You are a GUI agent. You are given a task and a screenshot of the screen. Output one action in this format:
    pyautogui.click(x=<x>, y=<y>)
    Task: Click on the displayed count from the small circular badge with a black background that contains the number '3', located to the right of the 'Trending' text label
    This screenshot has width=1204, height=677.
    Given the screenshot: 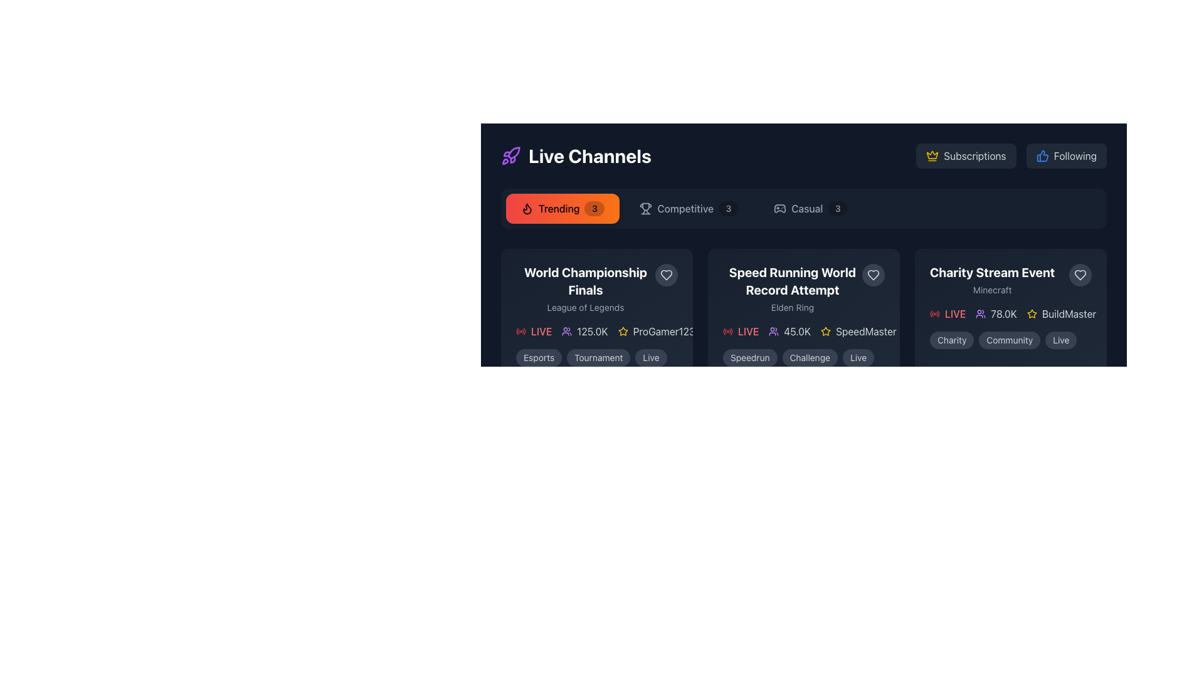 What is the action you would take?
    pyautogui.click(x=594, y=207)
    